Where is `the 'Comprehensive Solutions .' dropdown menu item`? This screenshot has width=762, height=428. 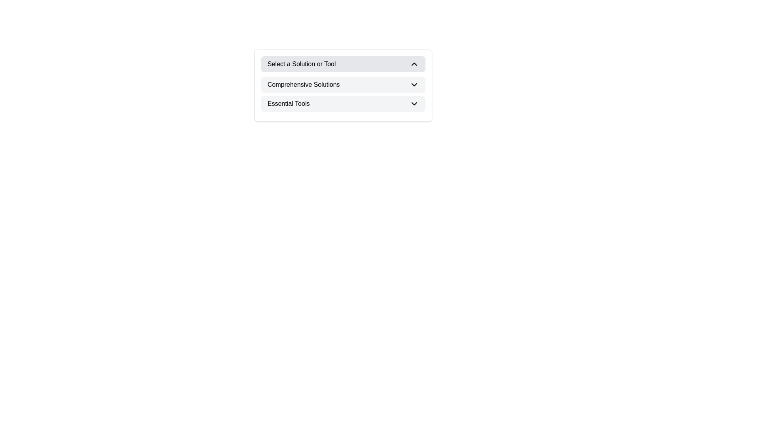
the 'Comprehensive Solutions .' dropdown menu item is located at coordinates (343, 84).